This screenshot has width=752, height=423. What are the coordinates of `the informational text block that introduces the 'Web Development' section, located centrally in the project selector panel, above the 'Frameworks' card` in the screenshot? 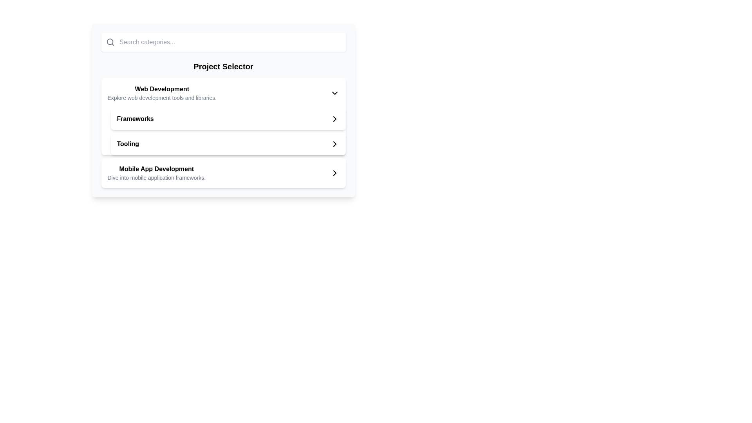 It's located at (161, 93).